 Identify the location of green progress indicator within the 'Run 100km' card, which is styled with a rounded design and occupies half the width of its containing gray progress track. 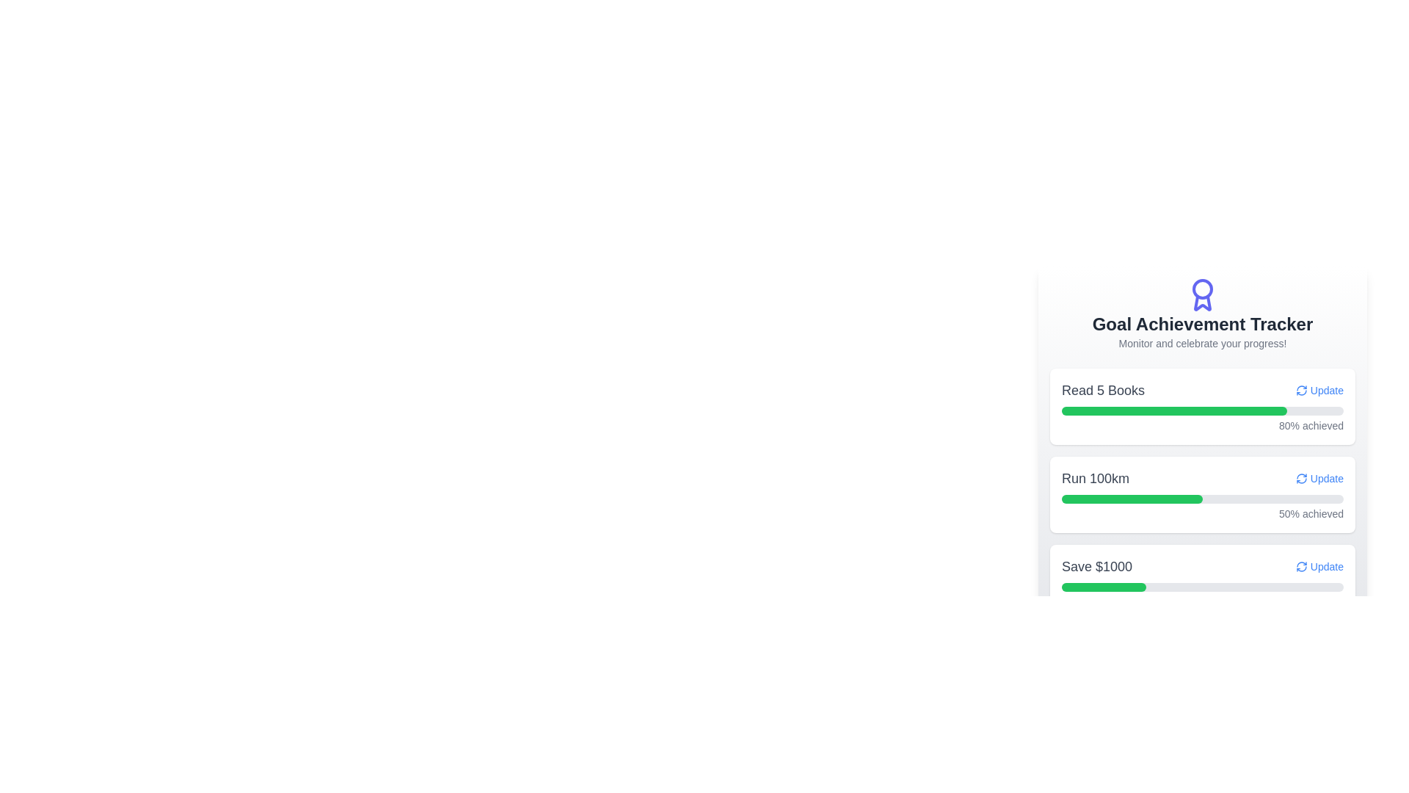
(1131, 498).